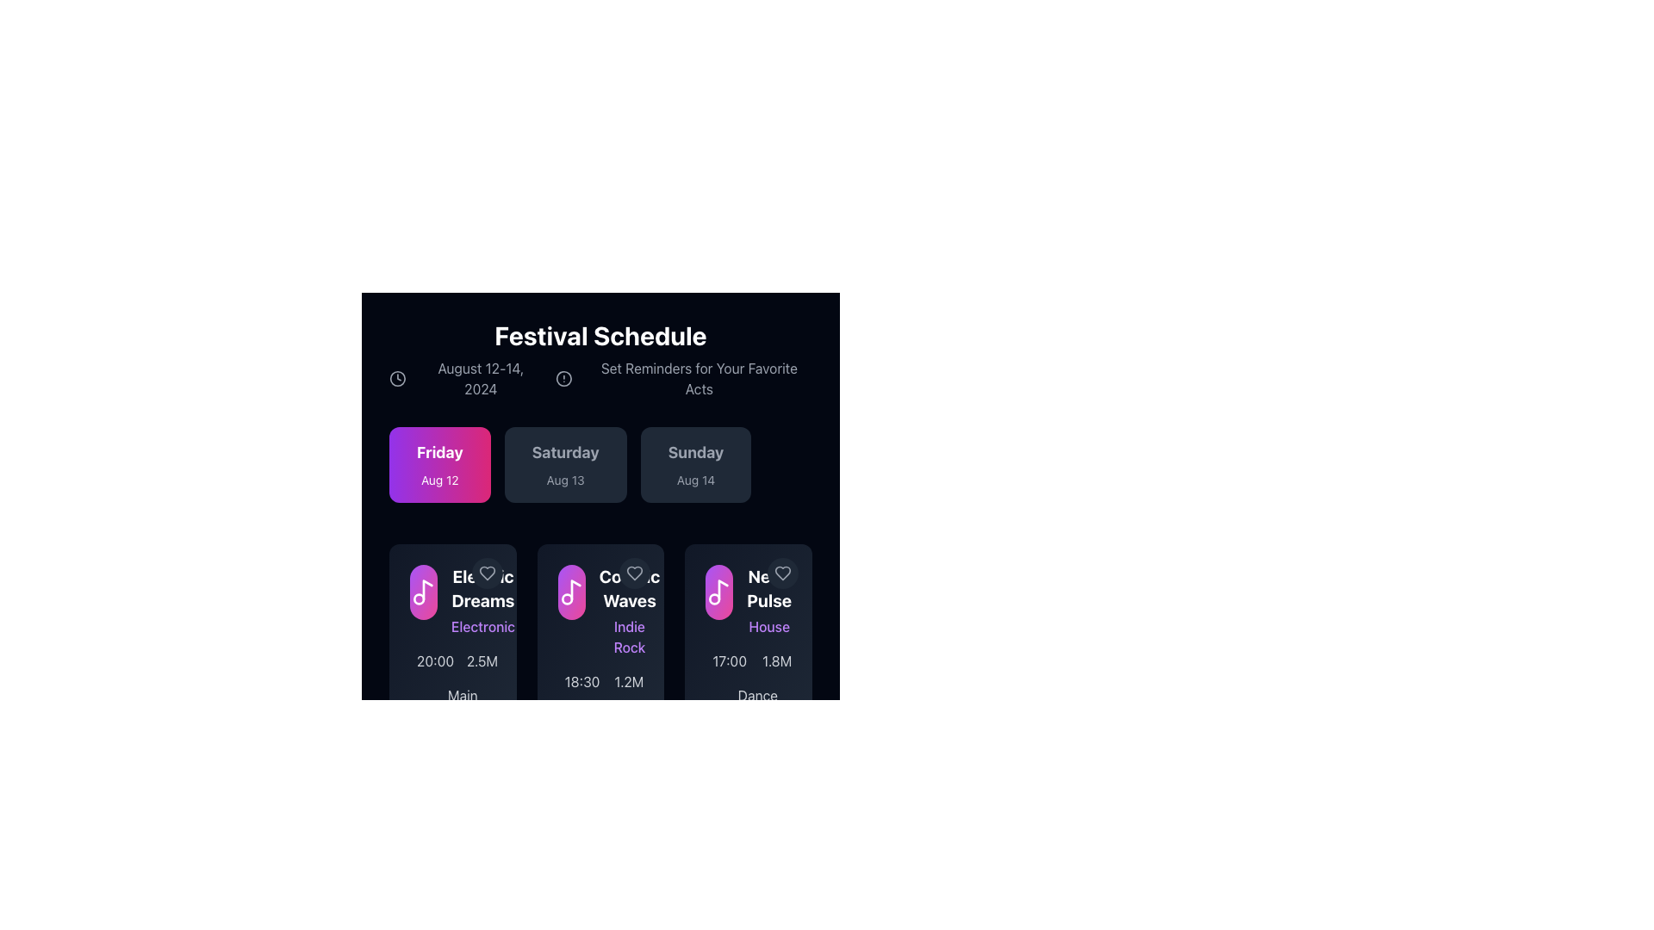 This screenshot has height=930, width=1654. What do you see at coordinates (563, 377) in the screenshot?
I see `the circular graphical icon located below the 'Festival Schedule' title, which has a darker border and a solid interior` at bounding box center [563, 377].